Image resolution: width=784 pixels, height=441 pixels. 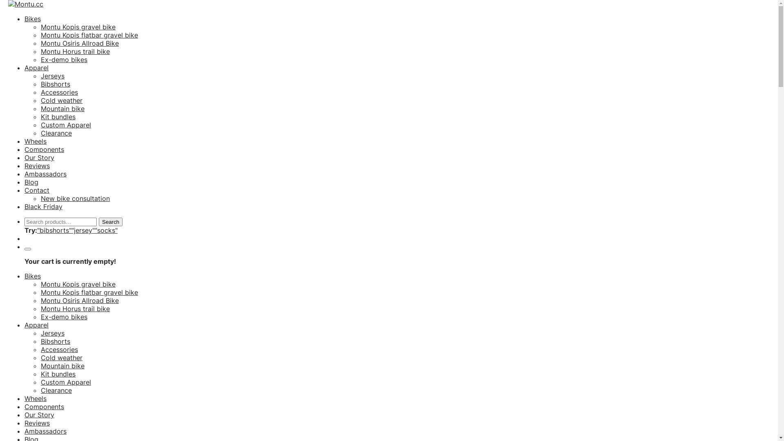 What do you see at coordinates (36, 190) in the screenshot?
I see `'Contact'` at bounding box center [36, 190].